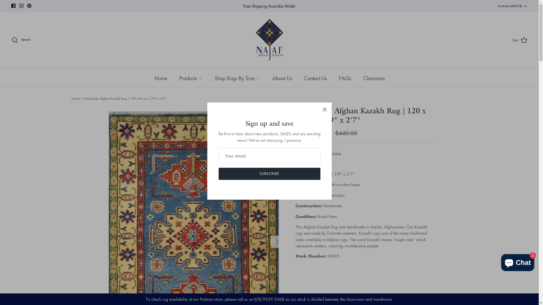  I want to click on 'Clearance', so click(374, 77).